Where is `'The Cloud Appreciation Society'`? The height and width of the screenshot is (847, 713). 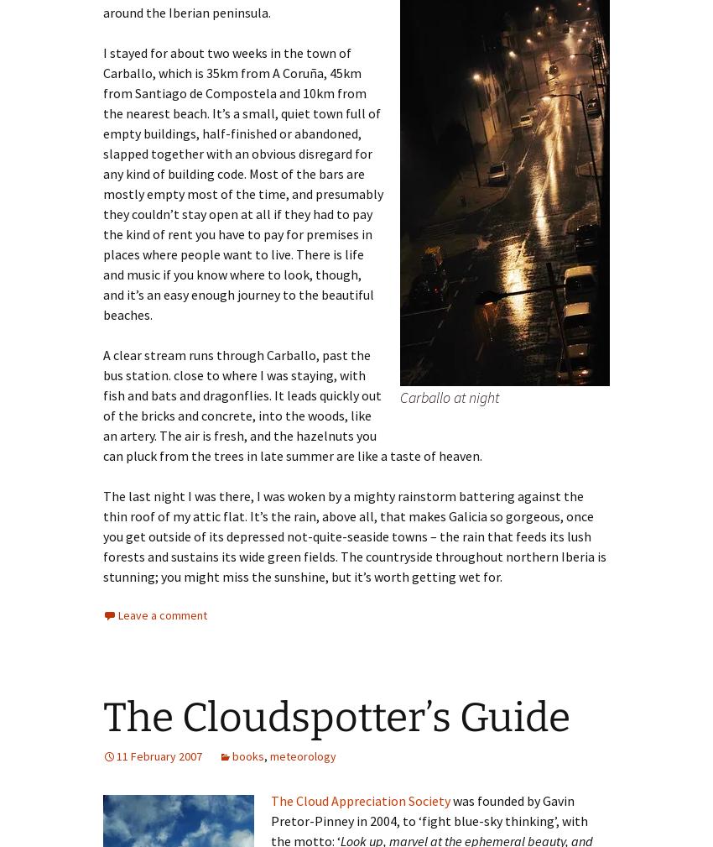
'The Cloud Appreciation Society' is located at coordinates (360, 801).